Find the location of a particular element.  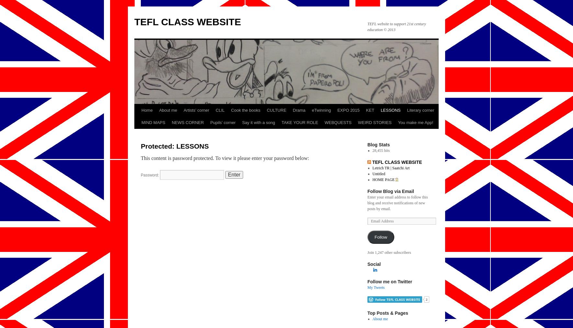

'Letrich TR | Saatchi Art' is located at coordinates (390, 168).